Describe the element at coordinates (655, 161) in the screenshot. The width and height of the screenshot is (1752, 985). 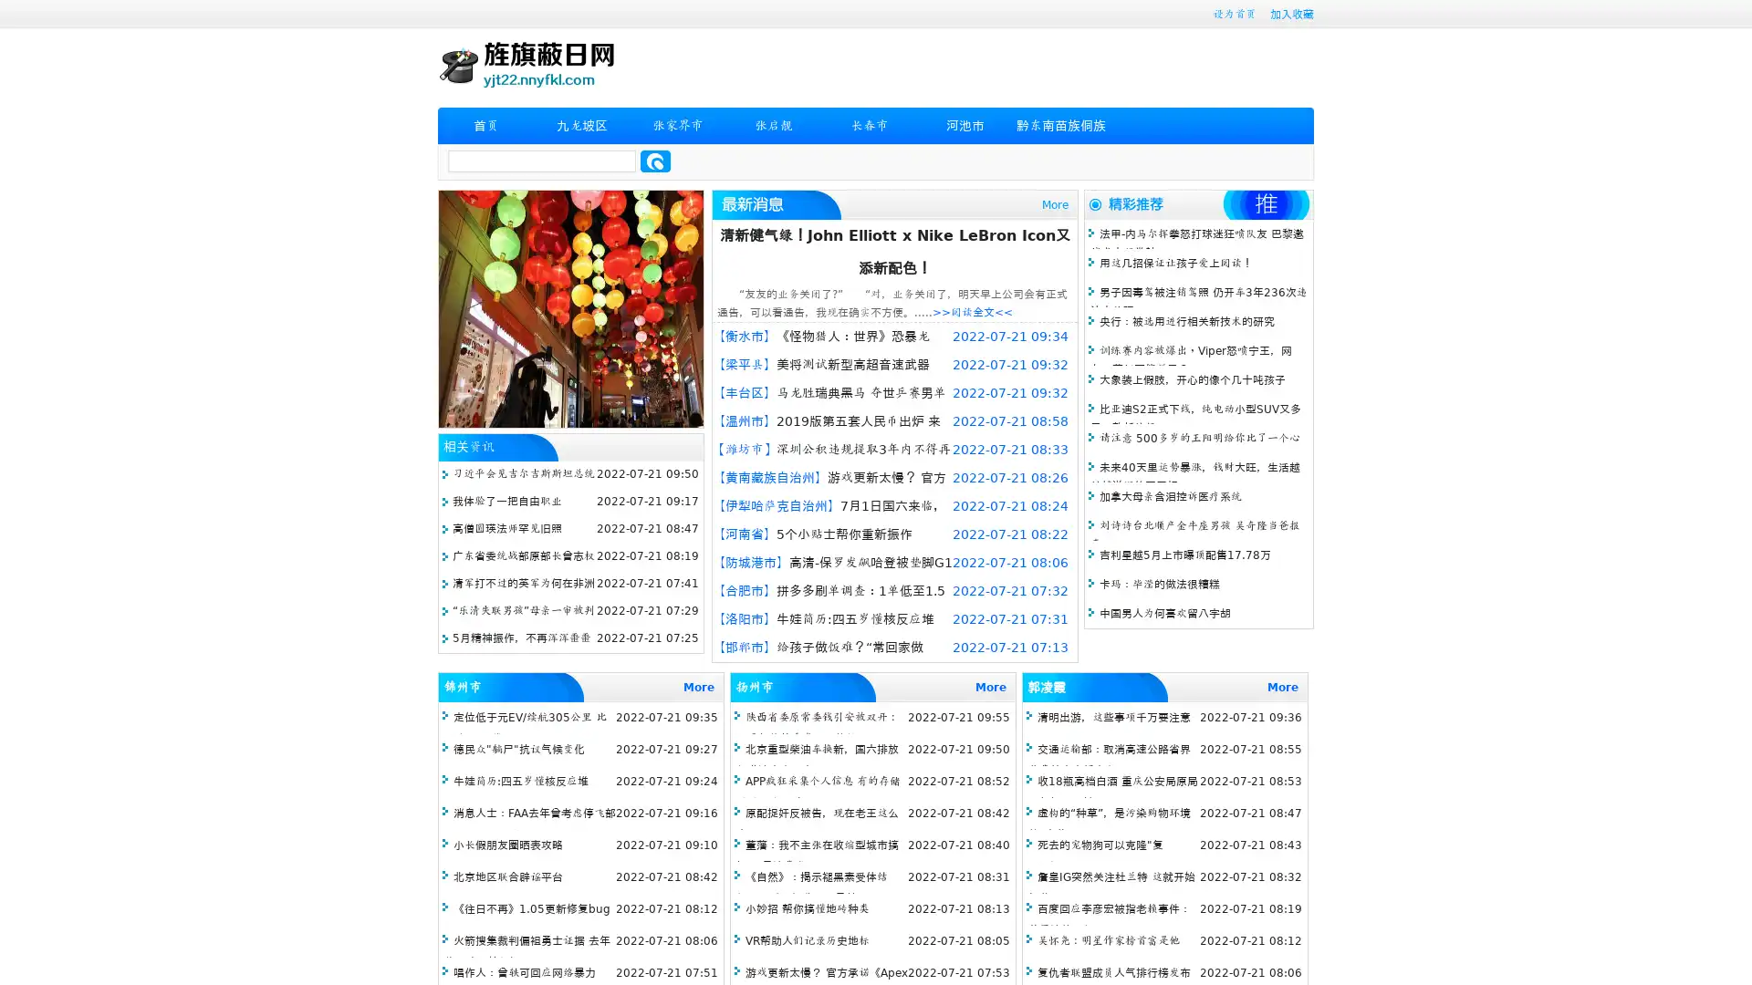
I see `Search` at that location.